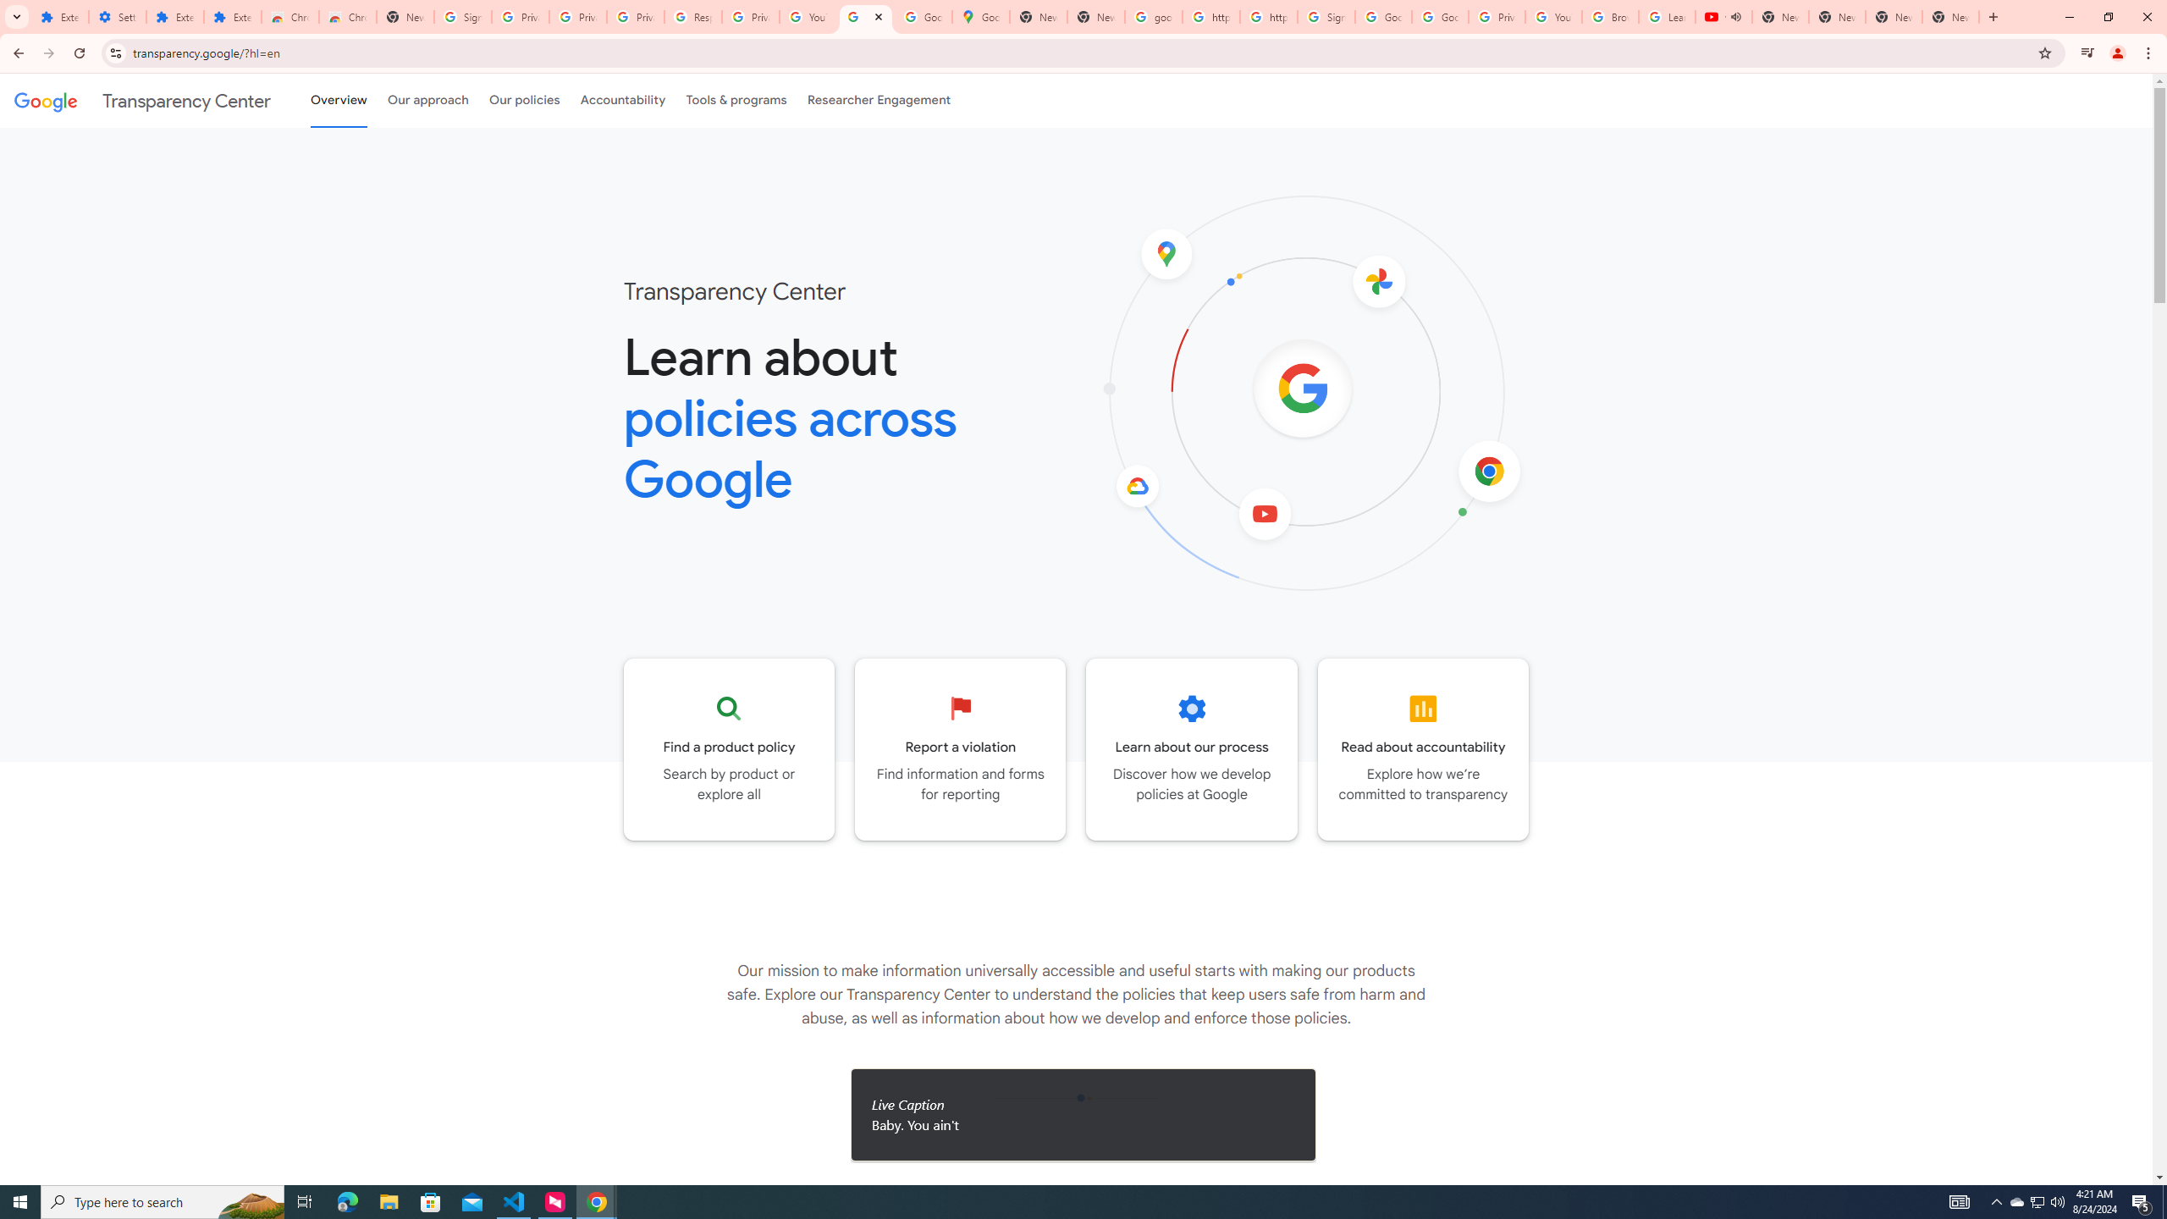 The width and height of the screenshot is (2167, 1219). What do you see at coordinates (1267, 16) in the screenshot?
I see `'https://scholar.google.com/'` at bounding box center [1267, 16].